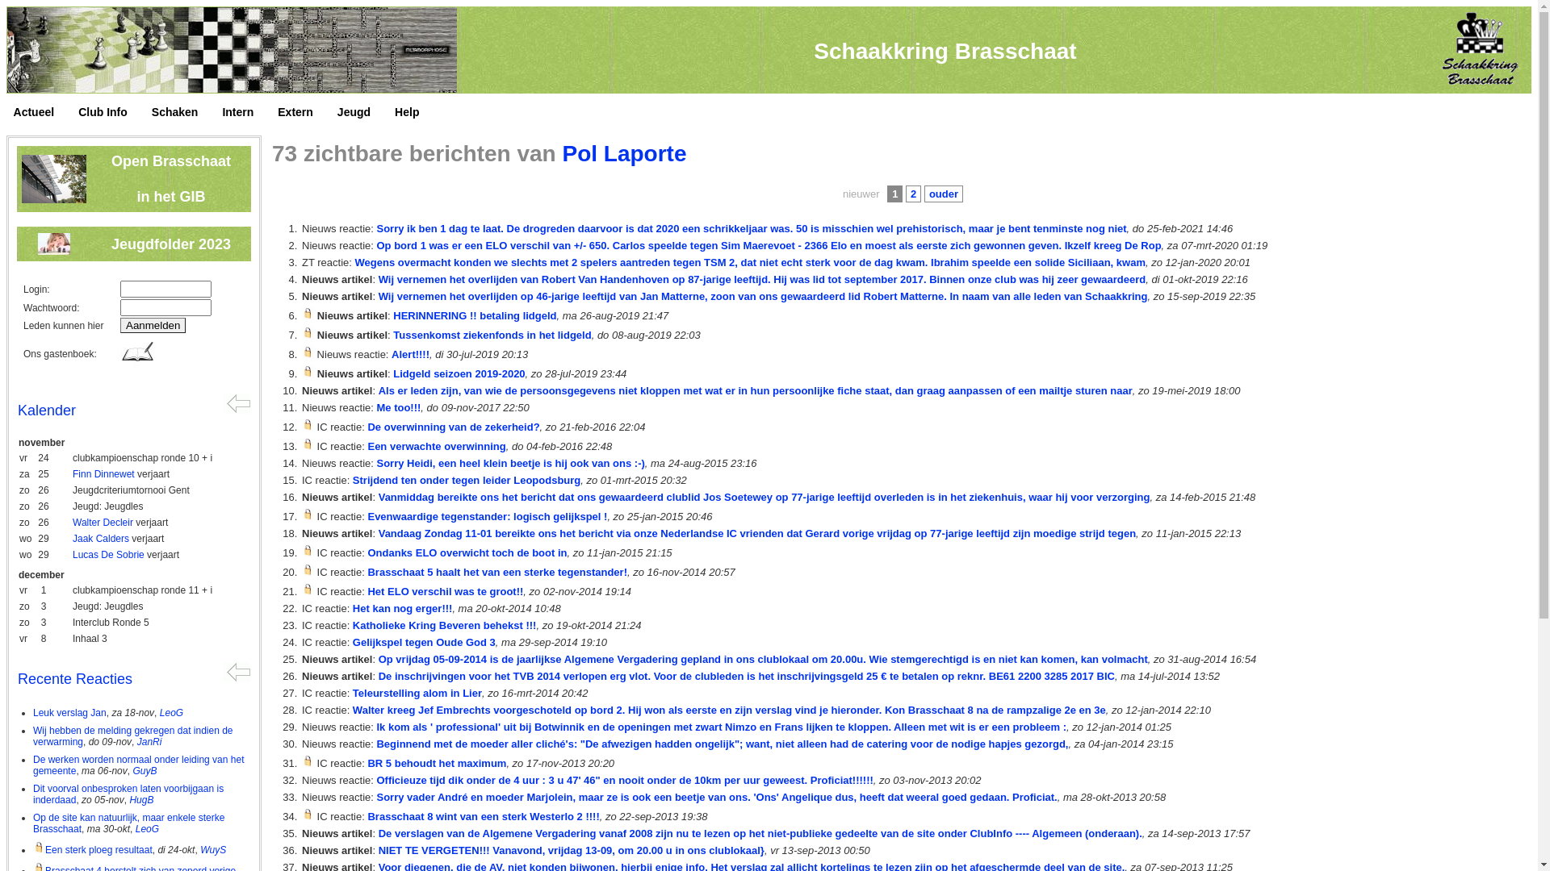 Image resolution: width=1550 pixels, height=871 pixels. What do you see at coordinates (945, 50) in the screenshot?
I see `'Schaakkring Brasschaat'` at bounding box center [945, 50].